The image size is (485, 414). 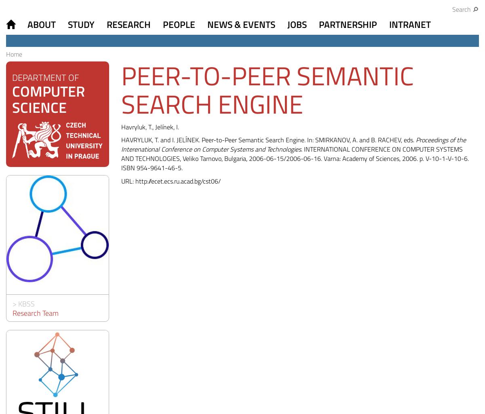 I want to click on 'Proceedings of the Interenational Conference on Computer Systems and Technologies', so click(x=293, y=144).